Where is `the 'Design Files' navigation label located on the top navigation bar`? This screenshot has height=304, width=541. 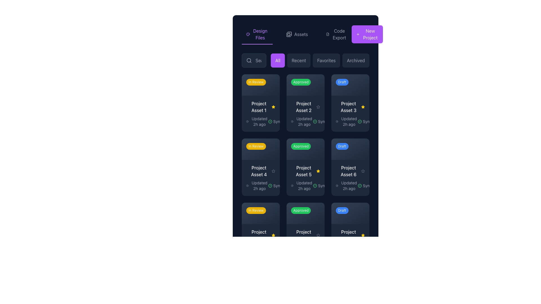 the 'Design Files' navigation label located on the top navigation bar is located at coordinates (260, 34).